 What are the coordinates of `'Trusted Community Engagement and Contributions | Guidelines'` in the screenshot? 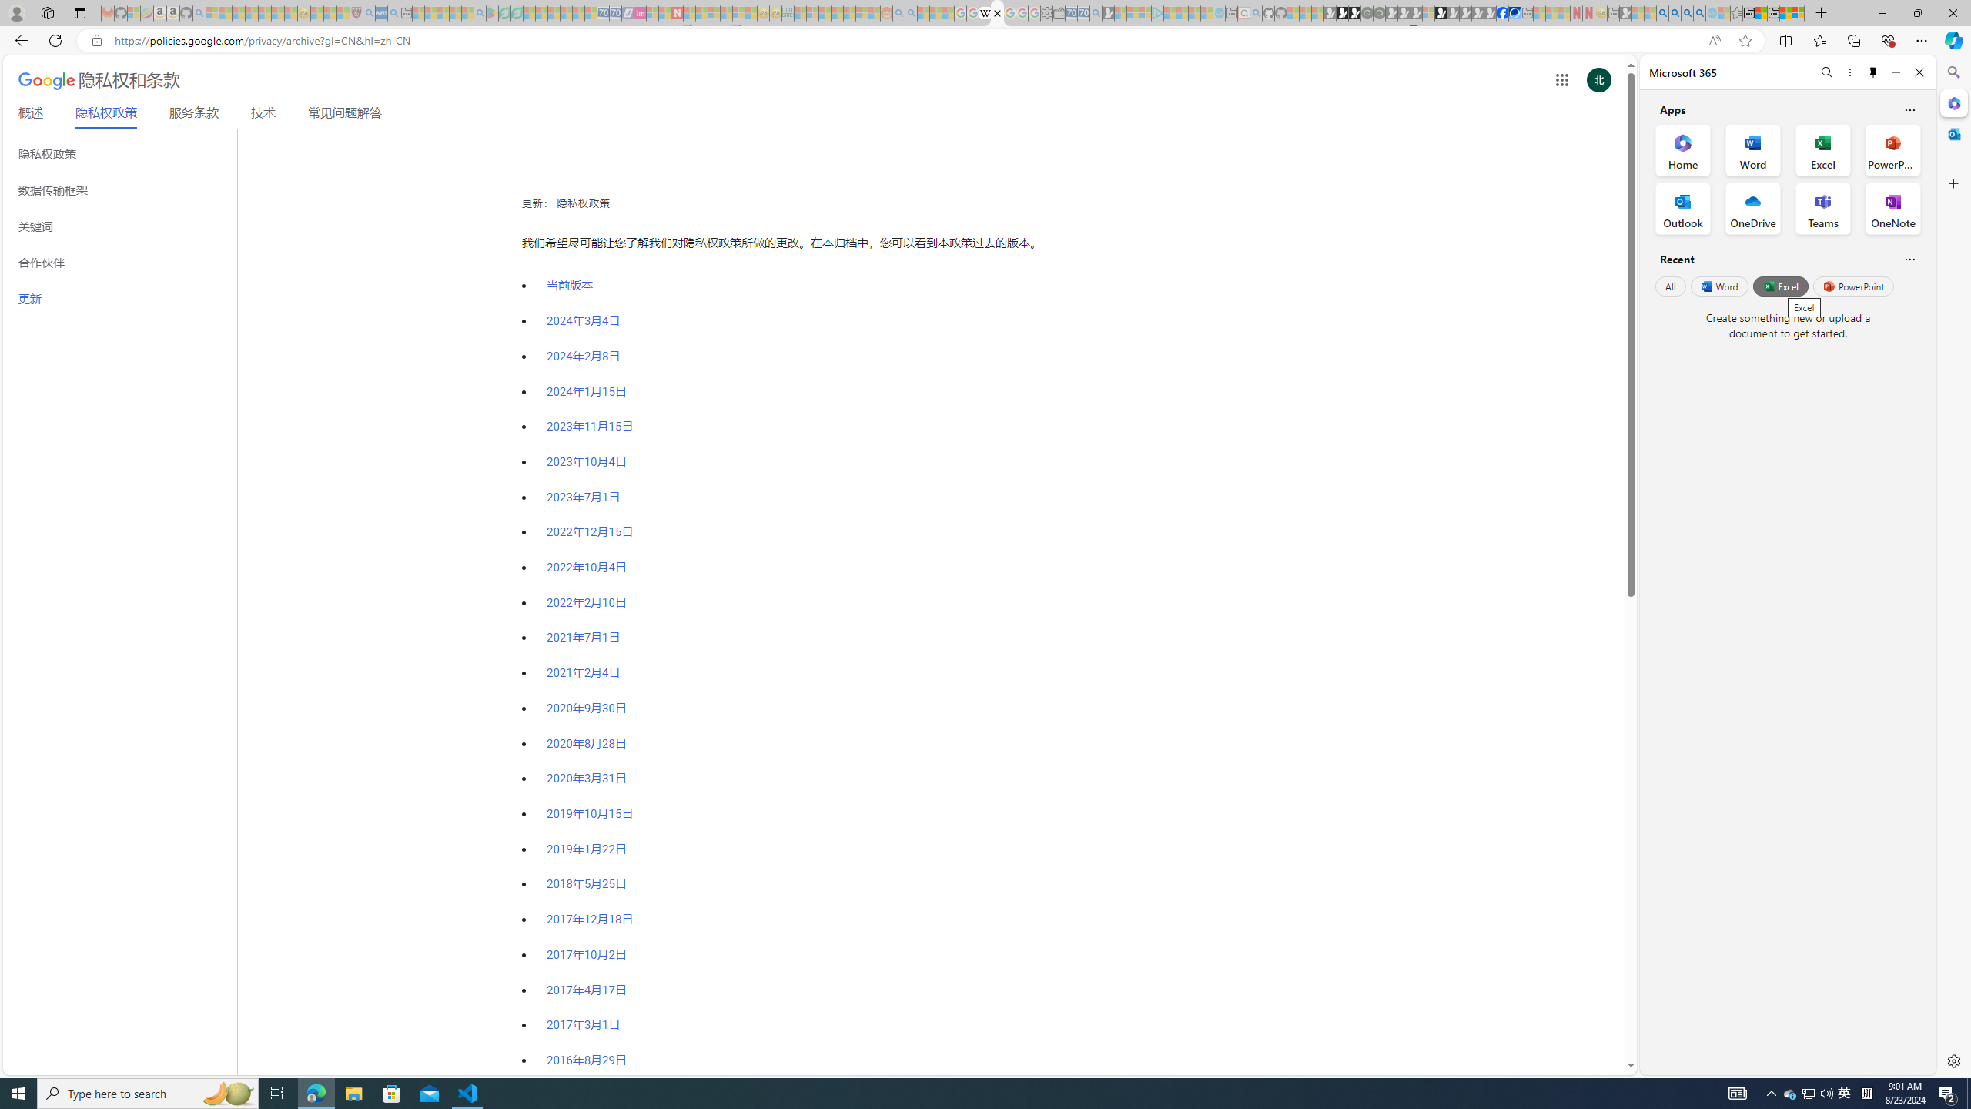 It's located at (688, 12).